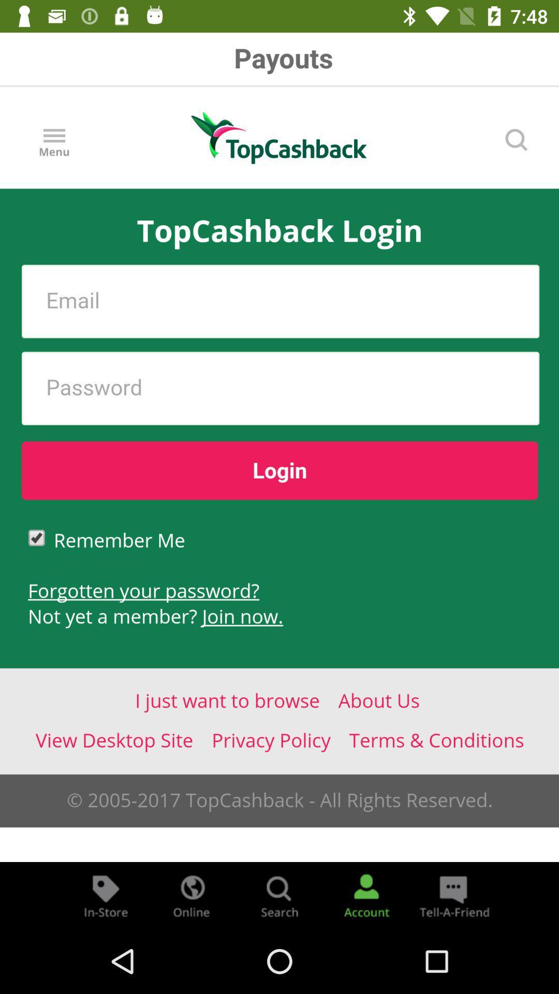 Image resolution: width=559 pixels, height=994 pixels. Describe the element at coordinates (279, 895) in the screenshot. I see `search button` at that location.